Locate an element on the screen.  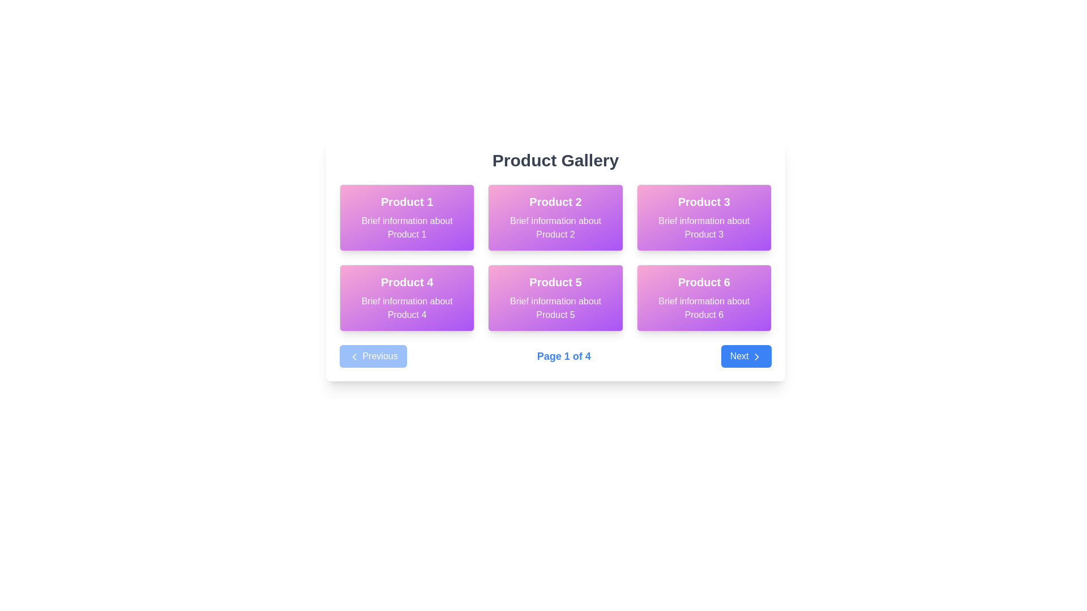
the rightward arrow icon located within the blue 'Next' button at the bottom-right corner of the interface is located at coordinates (756, 356).